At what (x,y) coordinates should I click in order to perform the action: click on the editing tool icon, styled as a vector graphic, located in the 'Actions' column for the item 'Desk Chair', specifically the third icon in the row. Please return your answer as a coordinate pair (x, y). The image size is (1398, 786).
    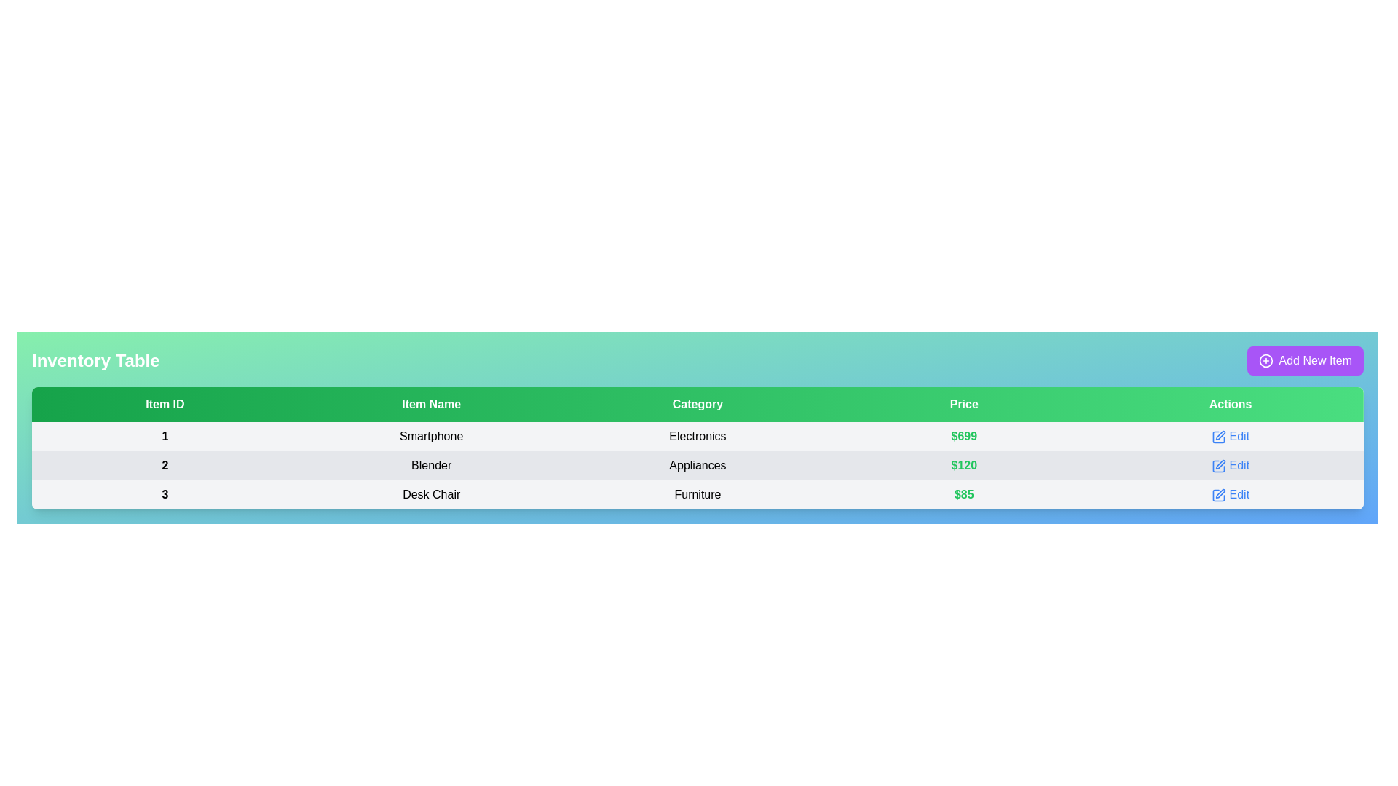
    Looking at the image, I should click on (1220, 493).